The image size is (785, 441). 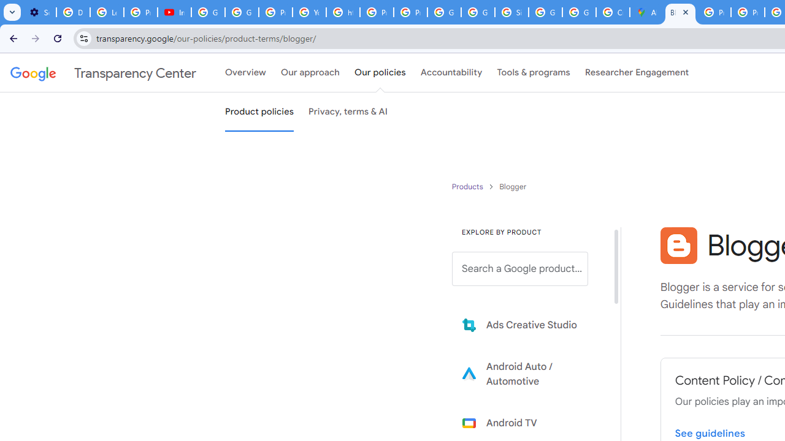 I want to click on 'Learn more about Android Auto', so click(x=529, y=373).